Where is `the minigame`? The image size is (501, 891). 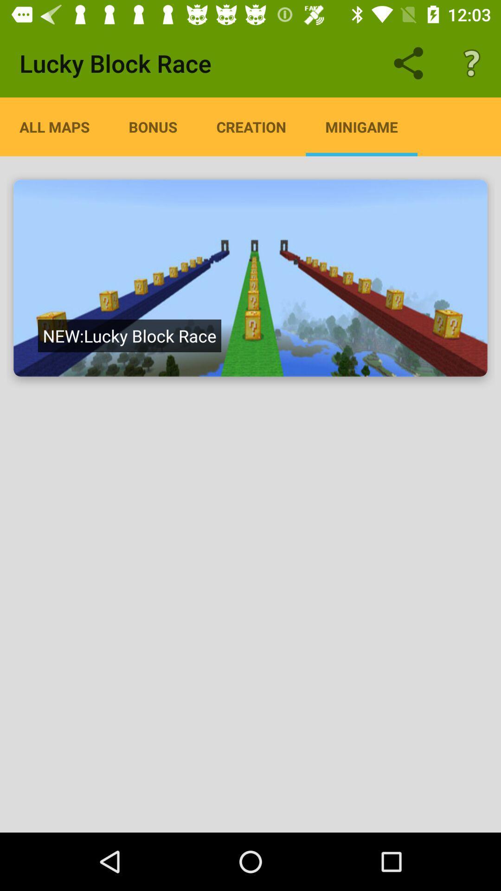 the minigame is located at coordinates (361, 126).